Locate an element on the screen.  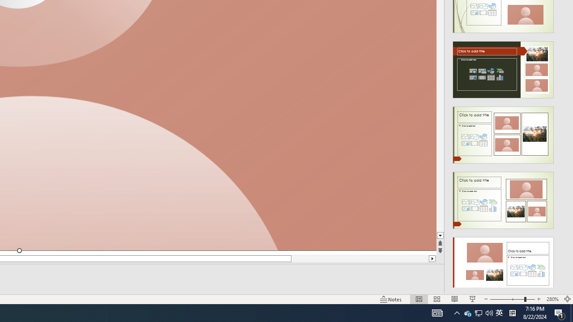
'Zoom 280%' is located at coordinates (552, 299).